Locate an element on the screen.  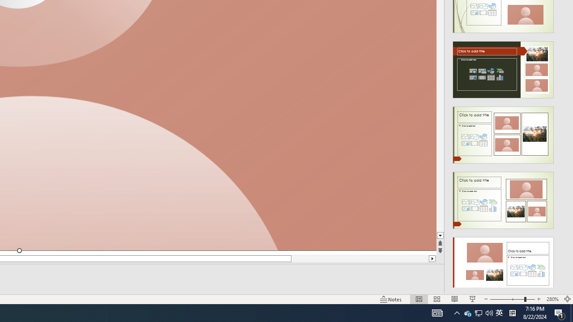
'Zoom 280%' is located at coordinates (552, 299).